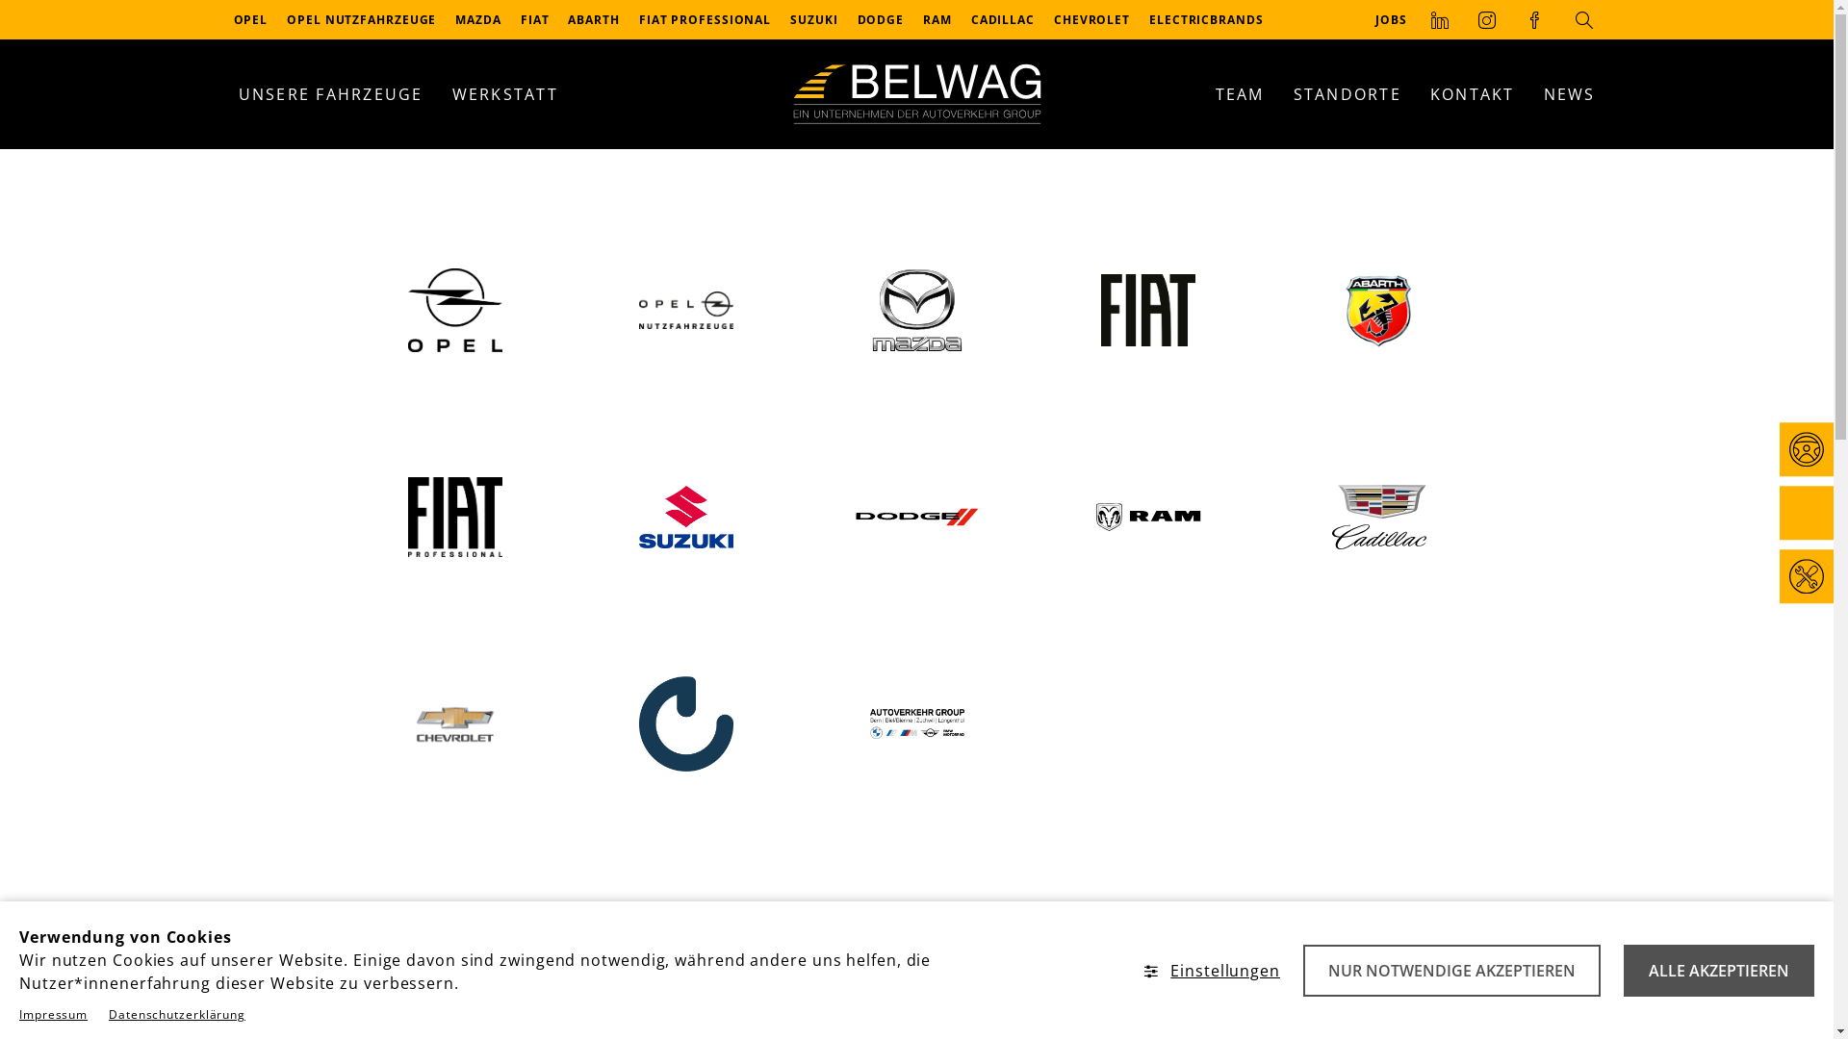  I want to click on 'Dodge', so click(914, 516).